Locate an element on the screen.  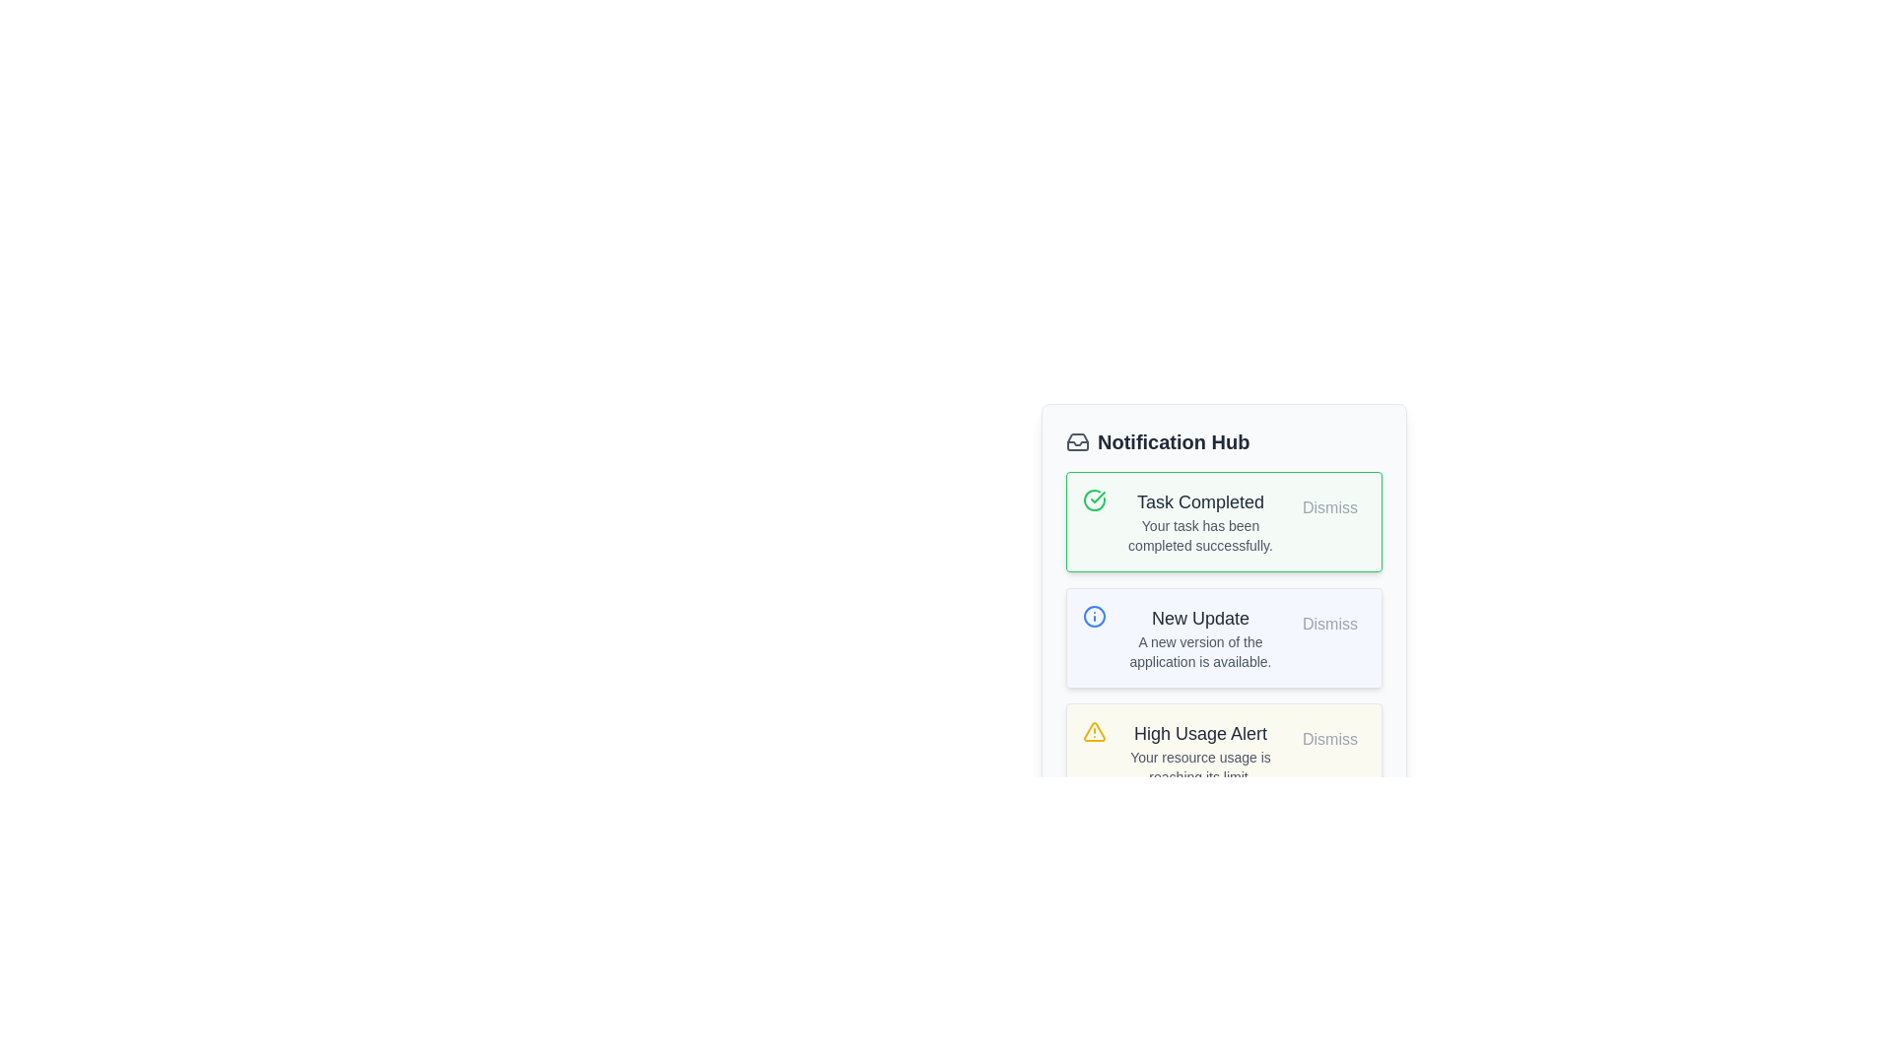
the second icon fragment resembling a simplified inbox in the 'Notification Hub' header section, which is part of an SVG element is located at coordinates (1077, 440).